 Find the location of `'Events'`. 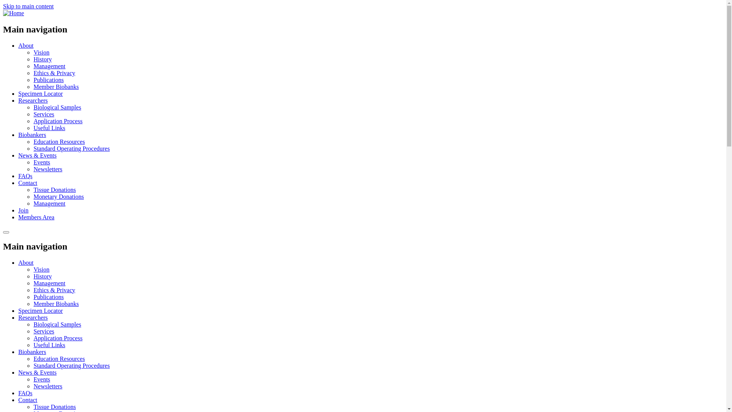

'Events' is located at coordinates (42, 162).